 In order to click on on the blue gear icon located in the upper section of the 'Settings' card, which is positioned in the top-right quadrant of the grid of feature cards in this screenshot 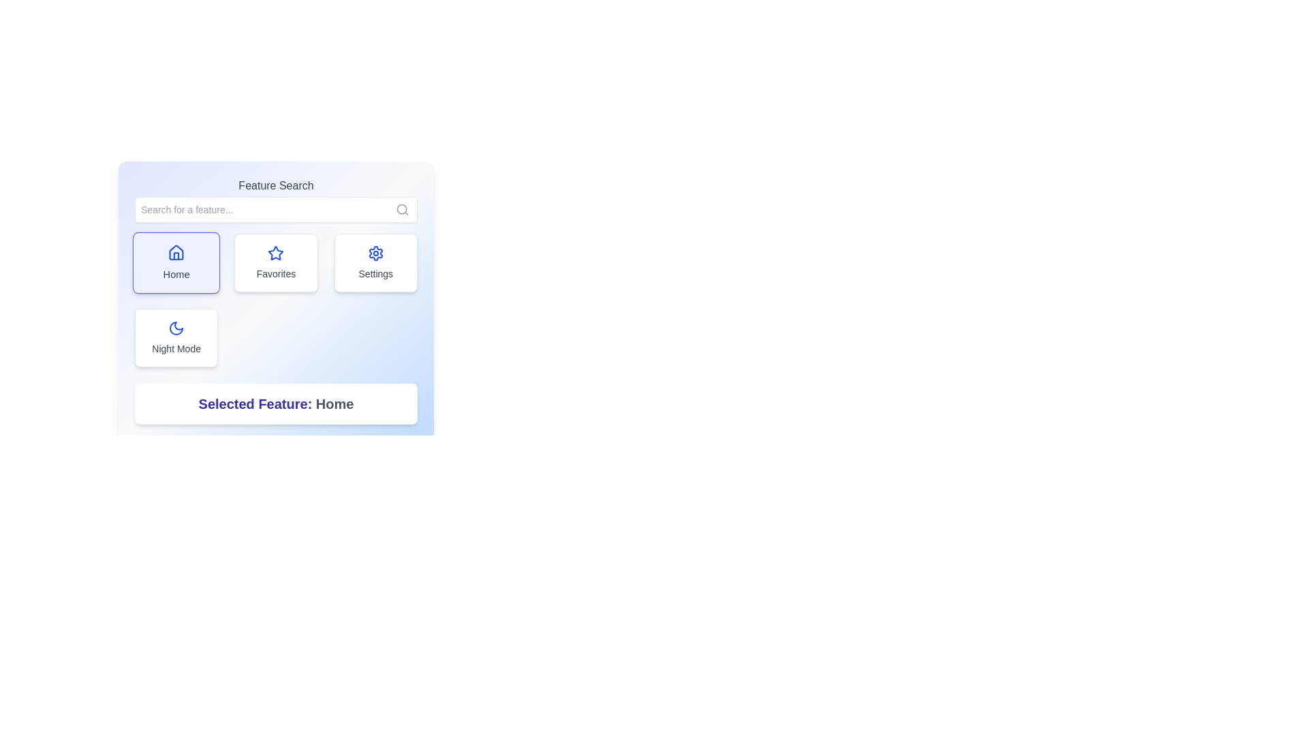, I will do `click(375, 253)`.